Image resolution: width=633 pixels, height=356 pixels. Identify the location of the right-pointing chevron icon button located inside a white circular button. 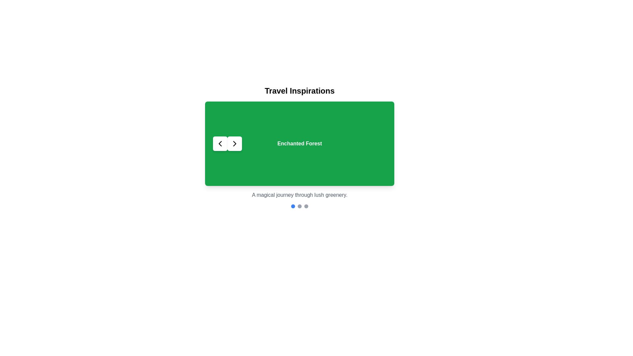
(234, 143).